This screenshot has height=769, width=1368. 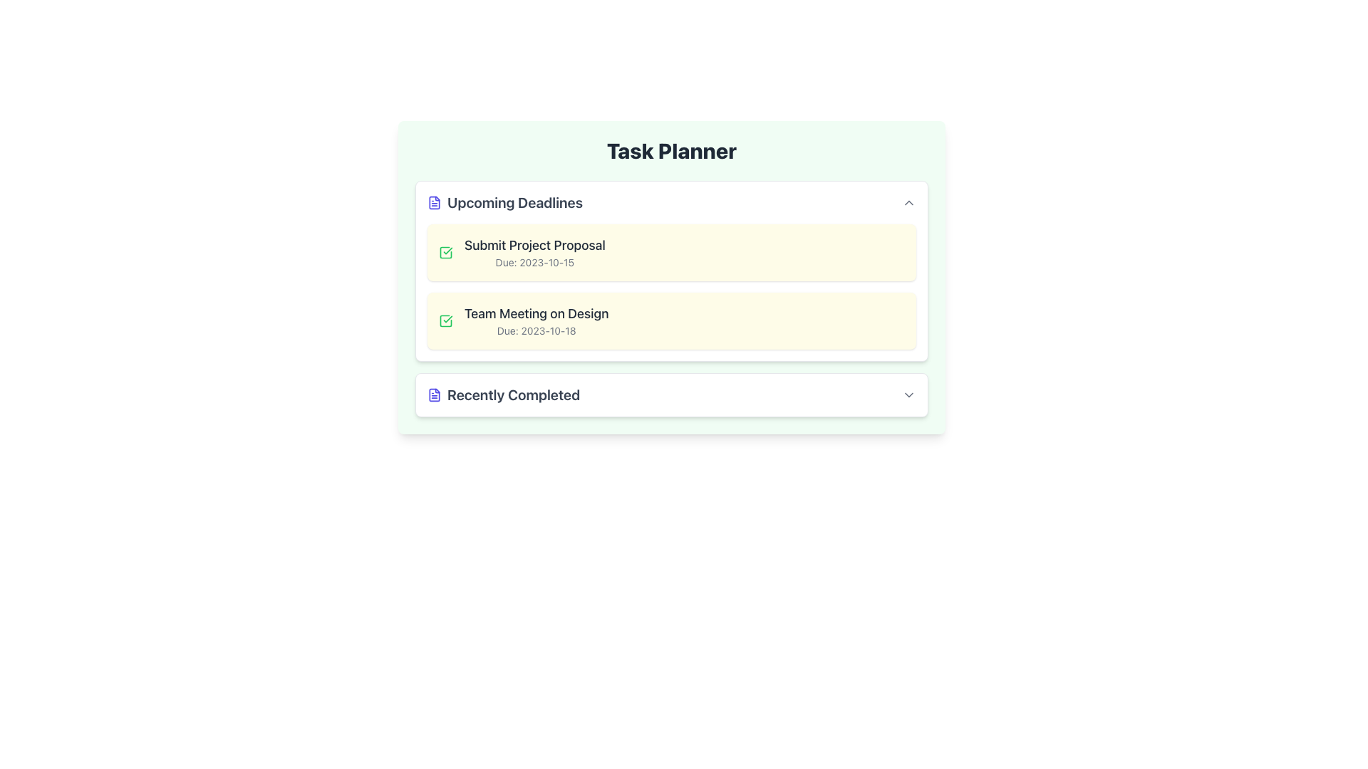 What do you see at coordinates (433, 203) in the screenshot?
I see `the document icon with a blue-purple color located to the left of the 'Upcoming Deadlines' heading` at bounding box center [433, 203].